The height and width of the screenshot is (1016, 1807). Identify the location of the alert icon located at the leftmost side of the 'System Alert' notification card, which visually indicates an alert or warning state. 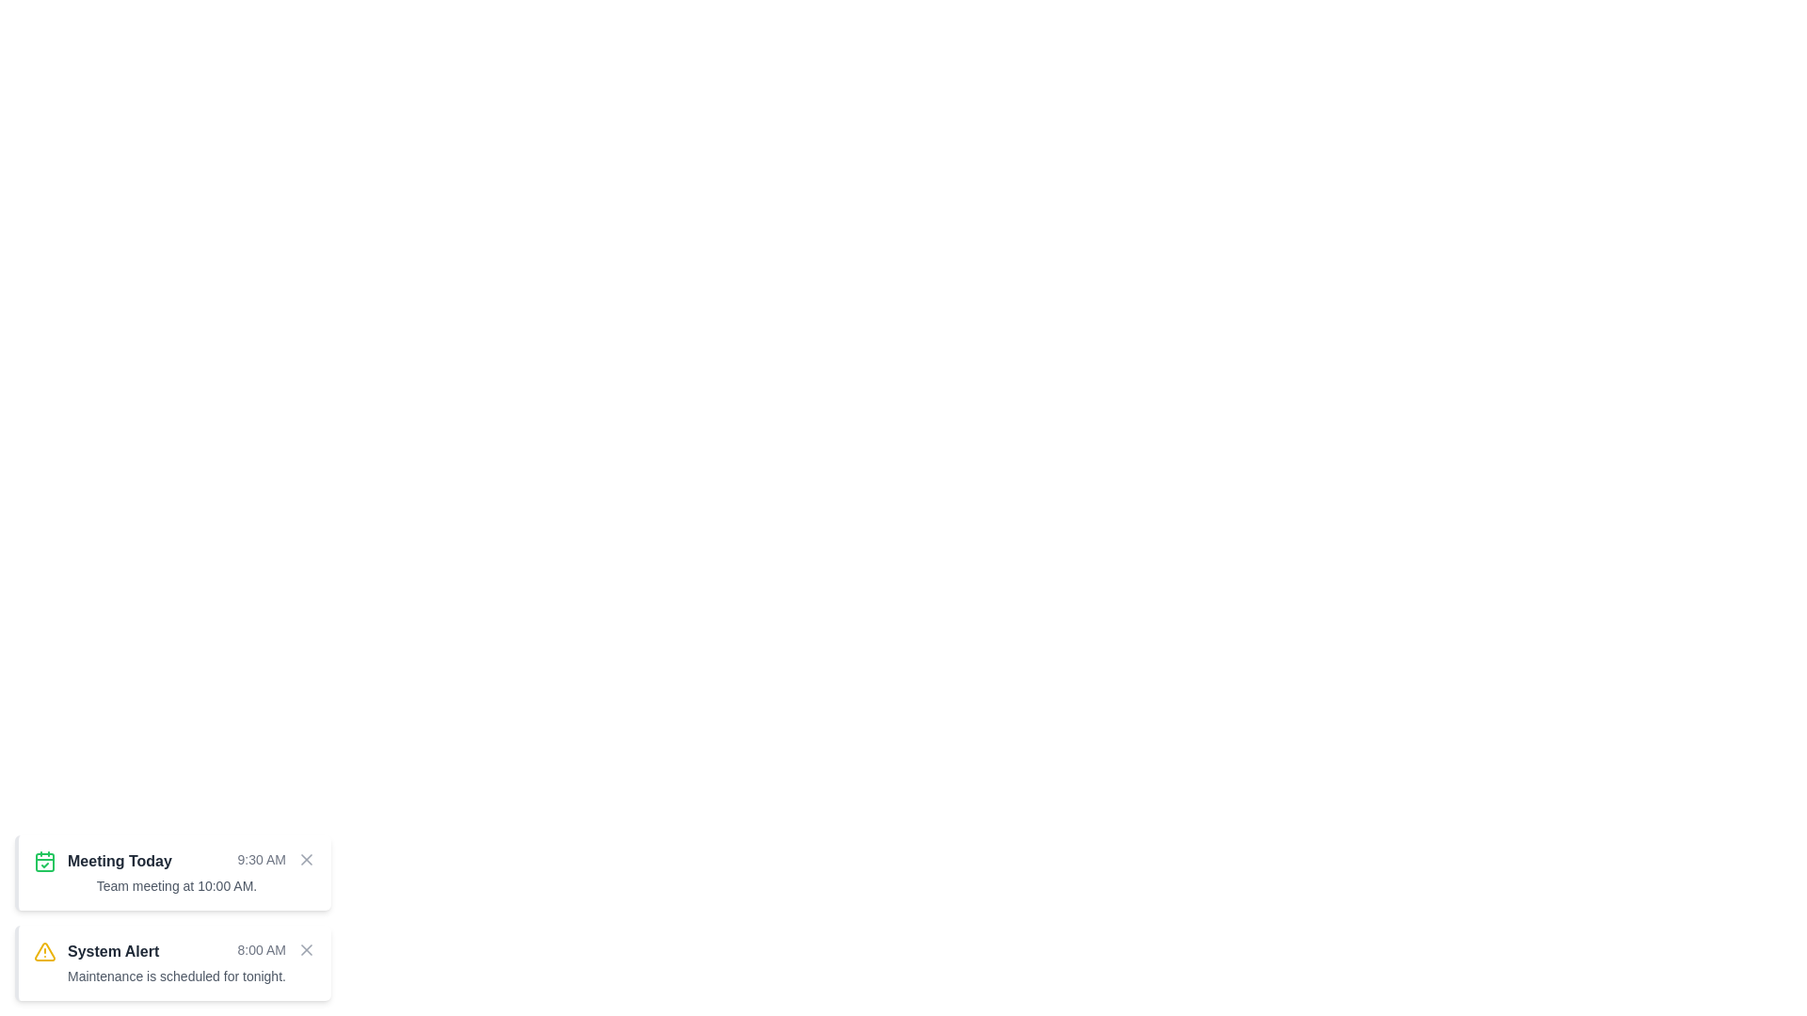
(45, 951).